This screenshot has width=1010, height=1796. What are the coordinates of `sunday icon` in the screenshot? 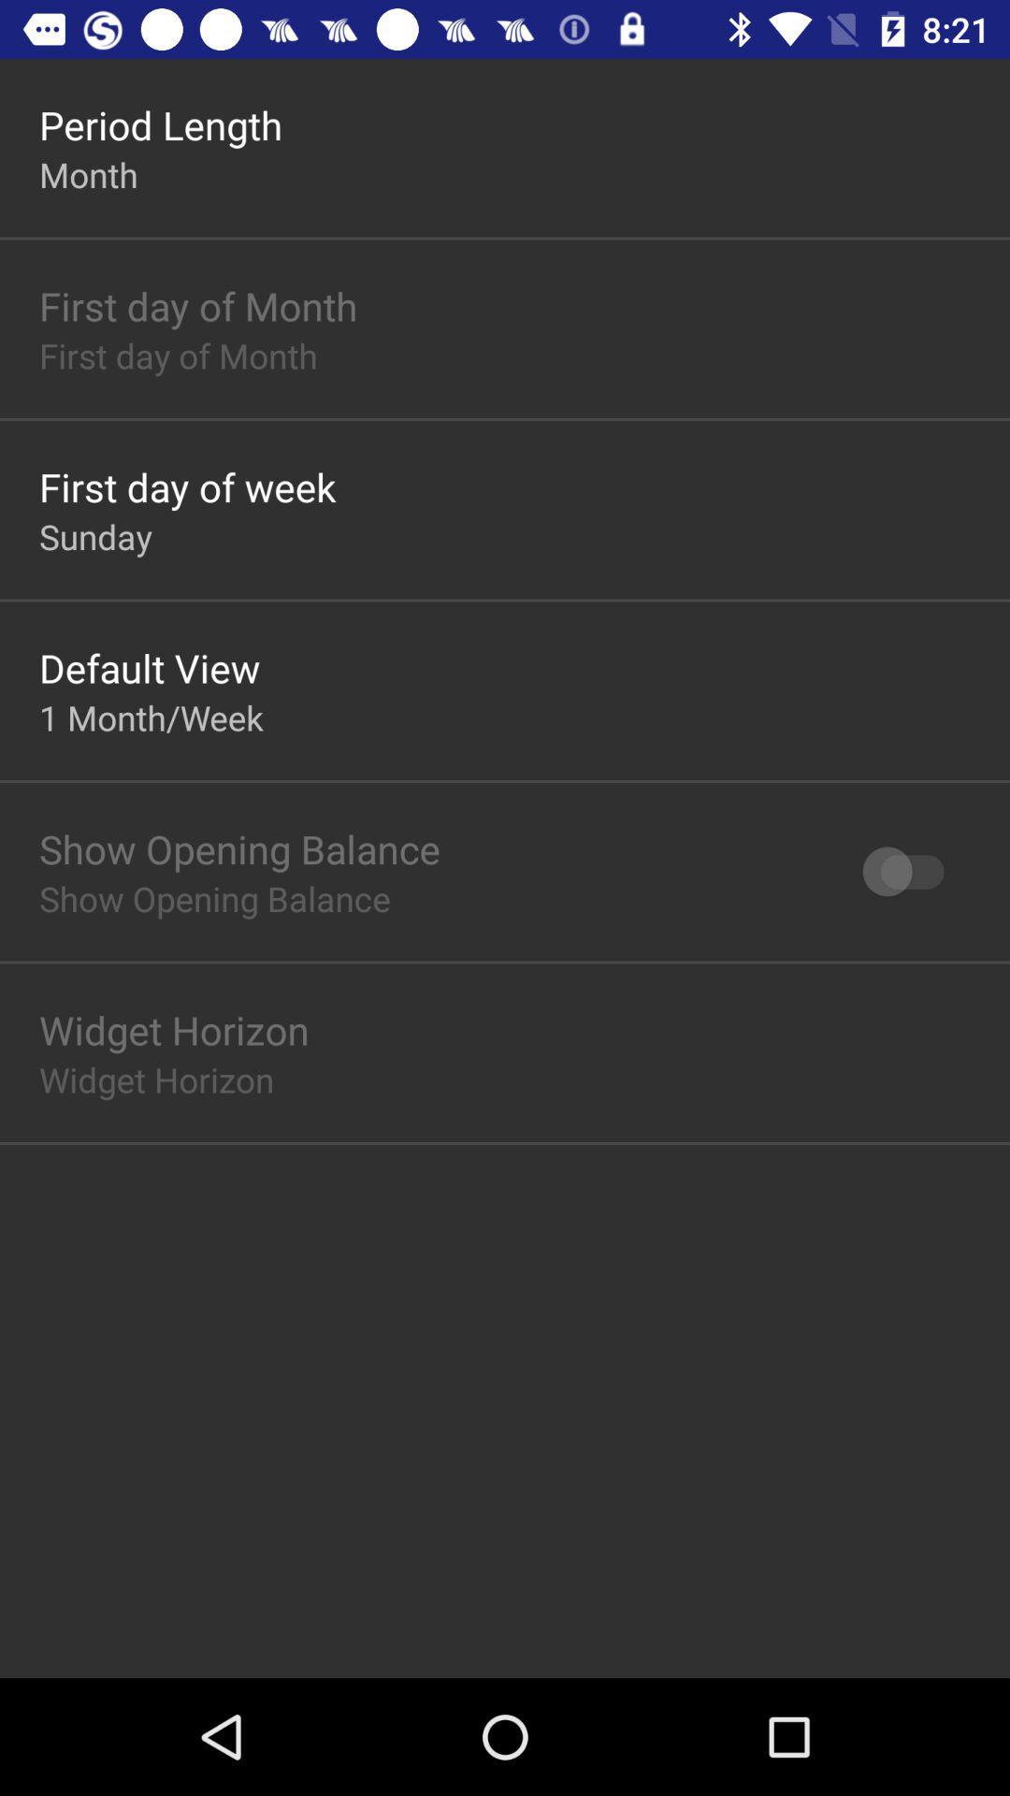 It's located at (95, 535).